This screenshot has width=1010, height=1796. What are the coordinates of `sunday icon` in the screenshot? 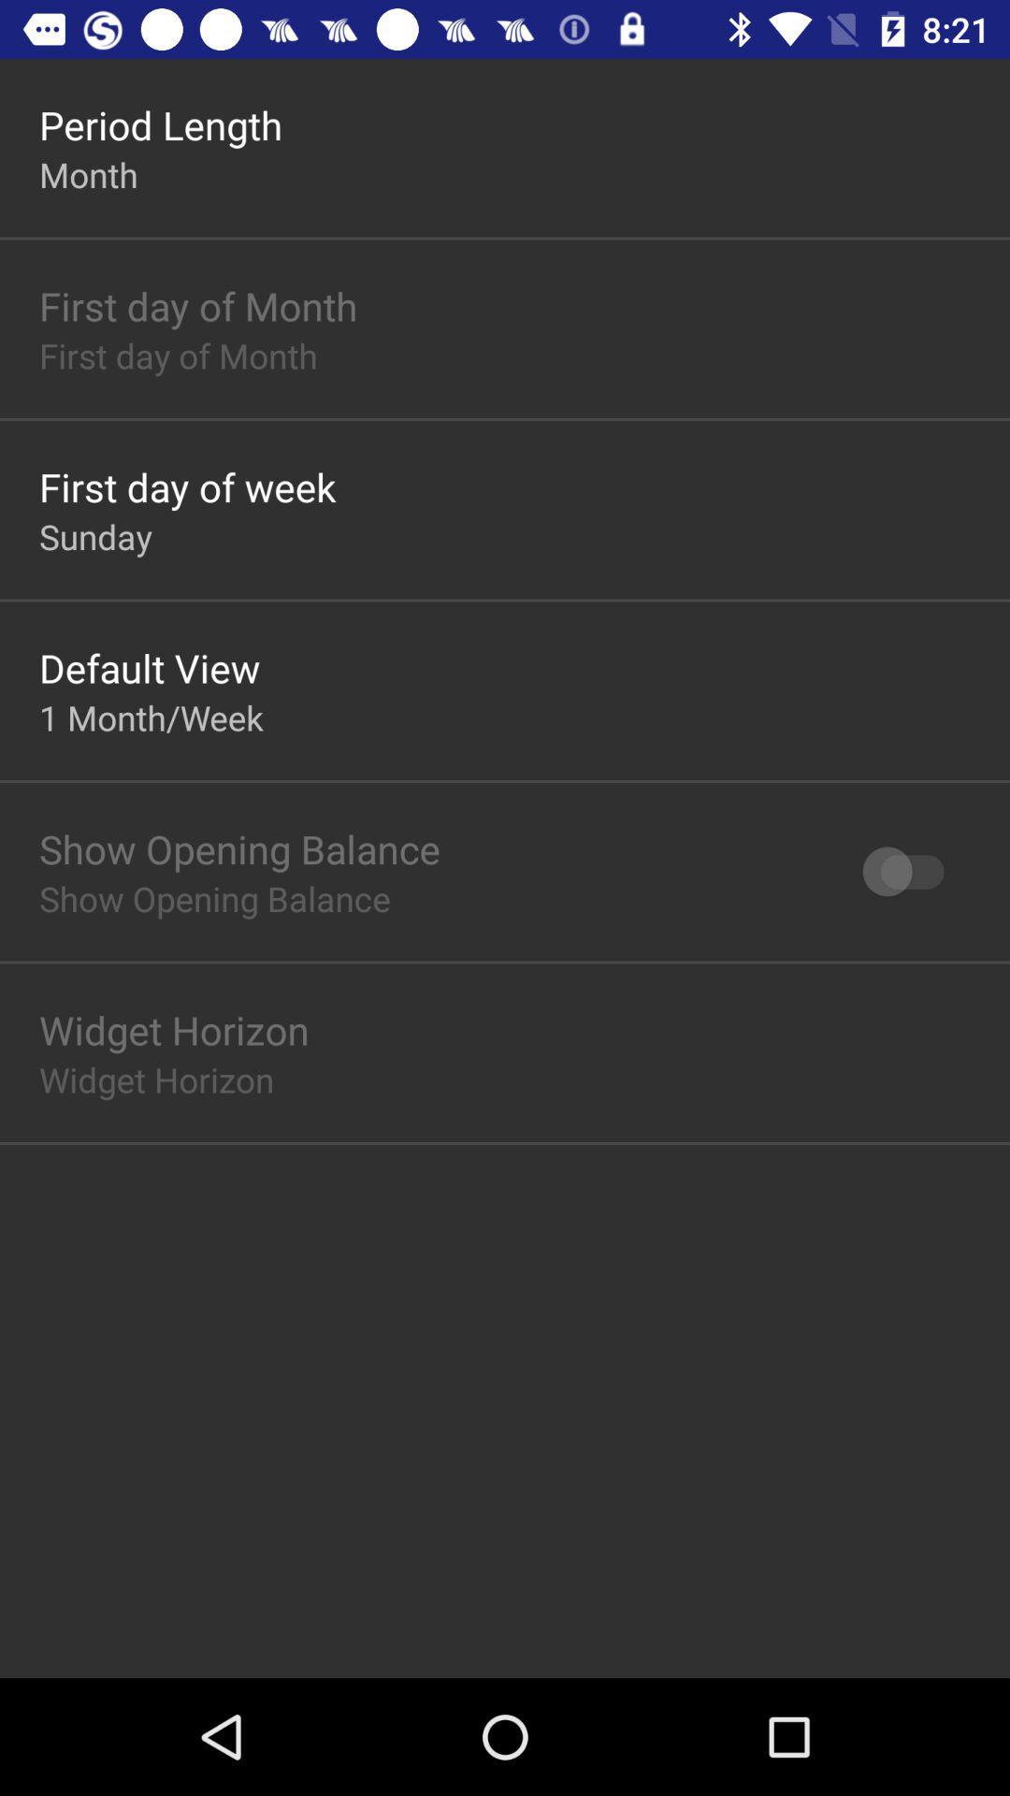 It's located at (95, 535).